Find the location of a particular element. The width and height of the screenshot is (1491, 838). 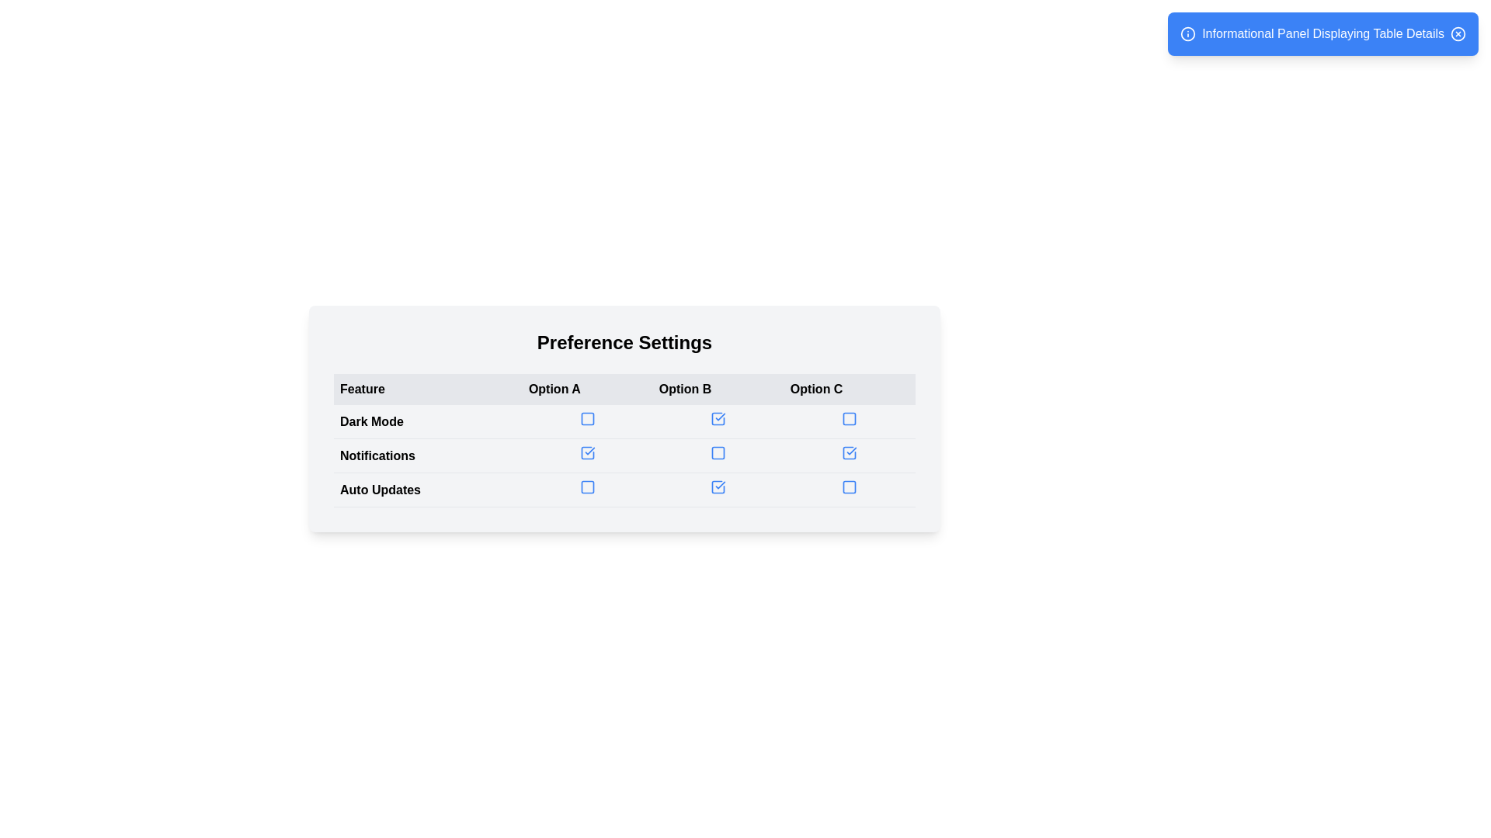

the 'Auto Updates' feature using the keyboard arrows to interact with the checkboxes for options A, B, and C is located at coordinates (624, 490).